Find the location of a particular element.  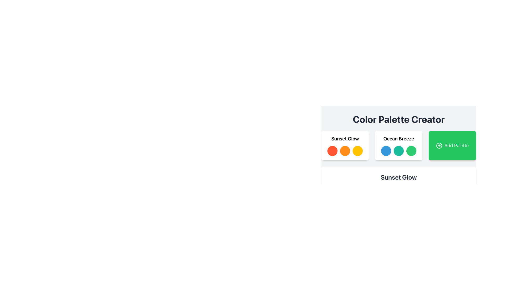

text displayed as 'Sunset Glow' which is in bold font style and centered within its section above a row of three circular elements is located at coordinates (345, 139).